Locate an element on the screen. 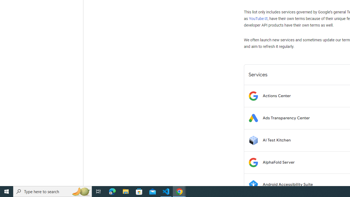 This screenshot has width=350, height=197. 'Logo for Ads Transparency Center' is located at coordinates (253, 118).